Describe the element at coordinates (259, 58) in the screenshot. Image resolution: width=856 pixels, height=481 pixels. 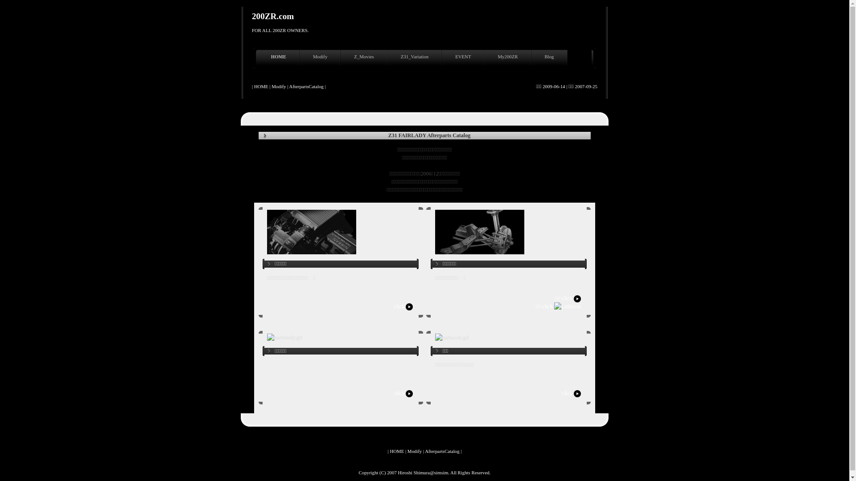
I see `'HOME'` at that location.